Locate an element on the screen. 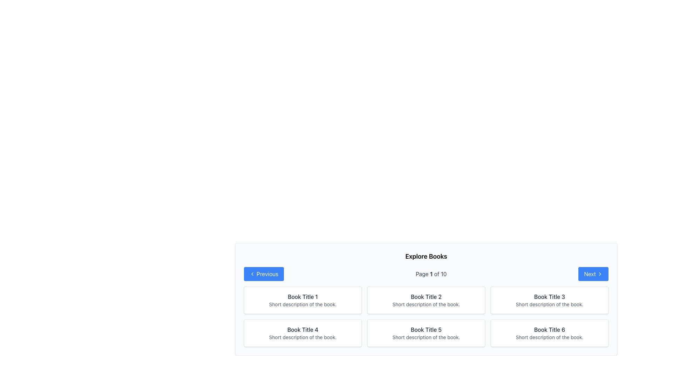  the Information card representing a book item, which is the second card in the first row of the grid layout is located at coordinates (426, 300).